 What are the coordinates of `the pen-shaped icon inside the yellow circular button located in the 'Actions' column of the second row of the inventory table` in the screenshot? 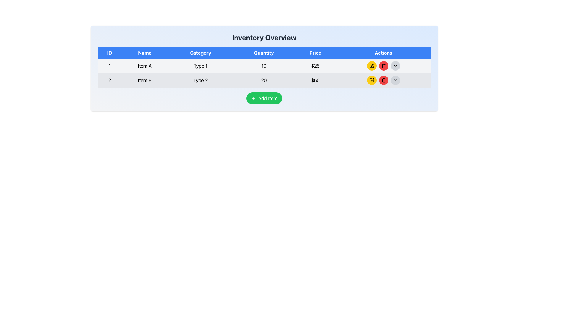 It's located at (372, 65).